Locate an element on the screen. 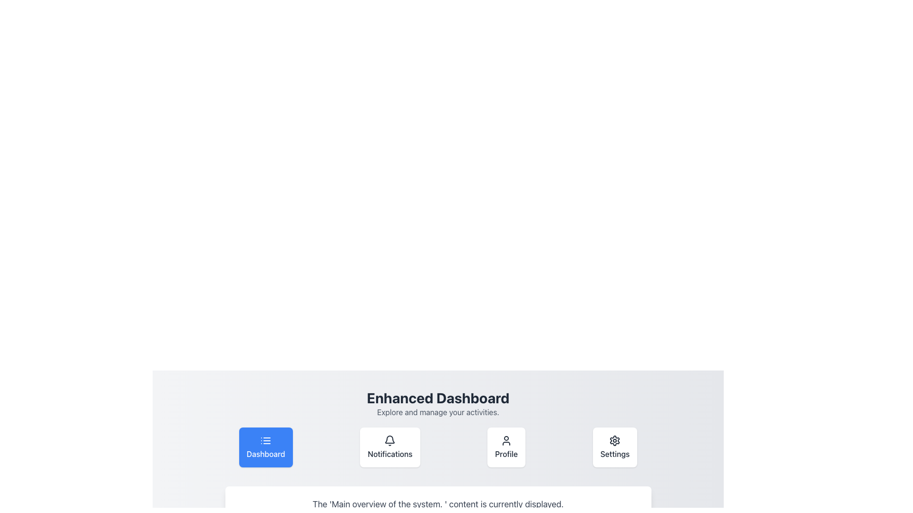  the rounded rectangle button labeled 'Notifications' with a white background and gray text, located in the middle-right of the row of buttons below the 'Enhanced Dashboard' header is located at coordinates (390, 447).